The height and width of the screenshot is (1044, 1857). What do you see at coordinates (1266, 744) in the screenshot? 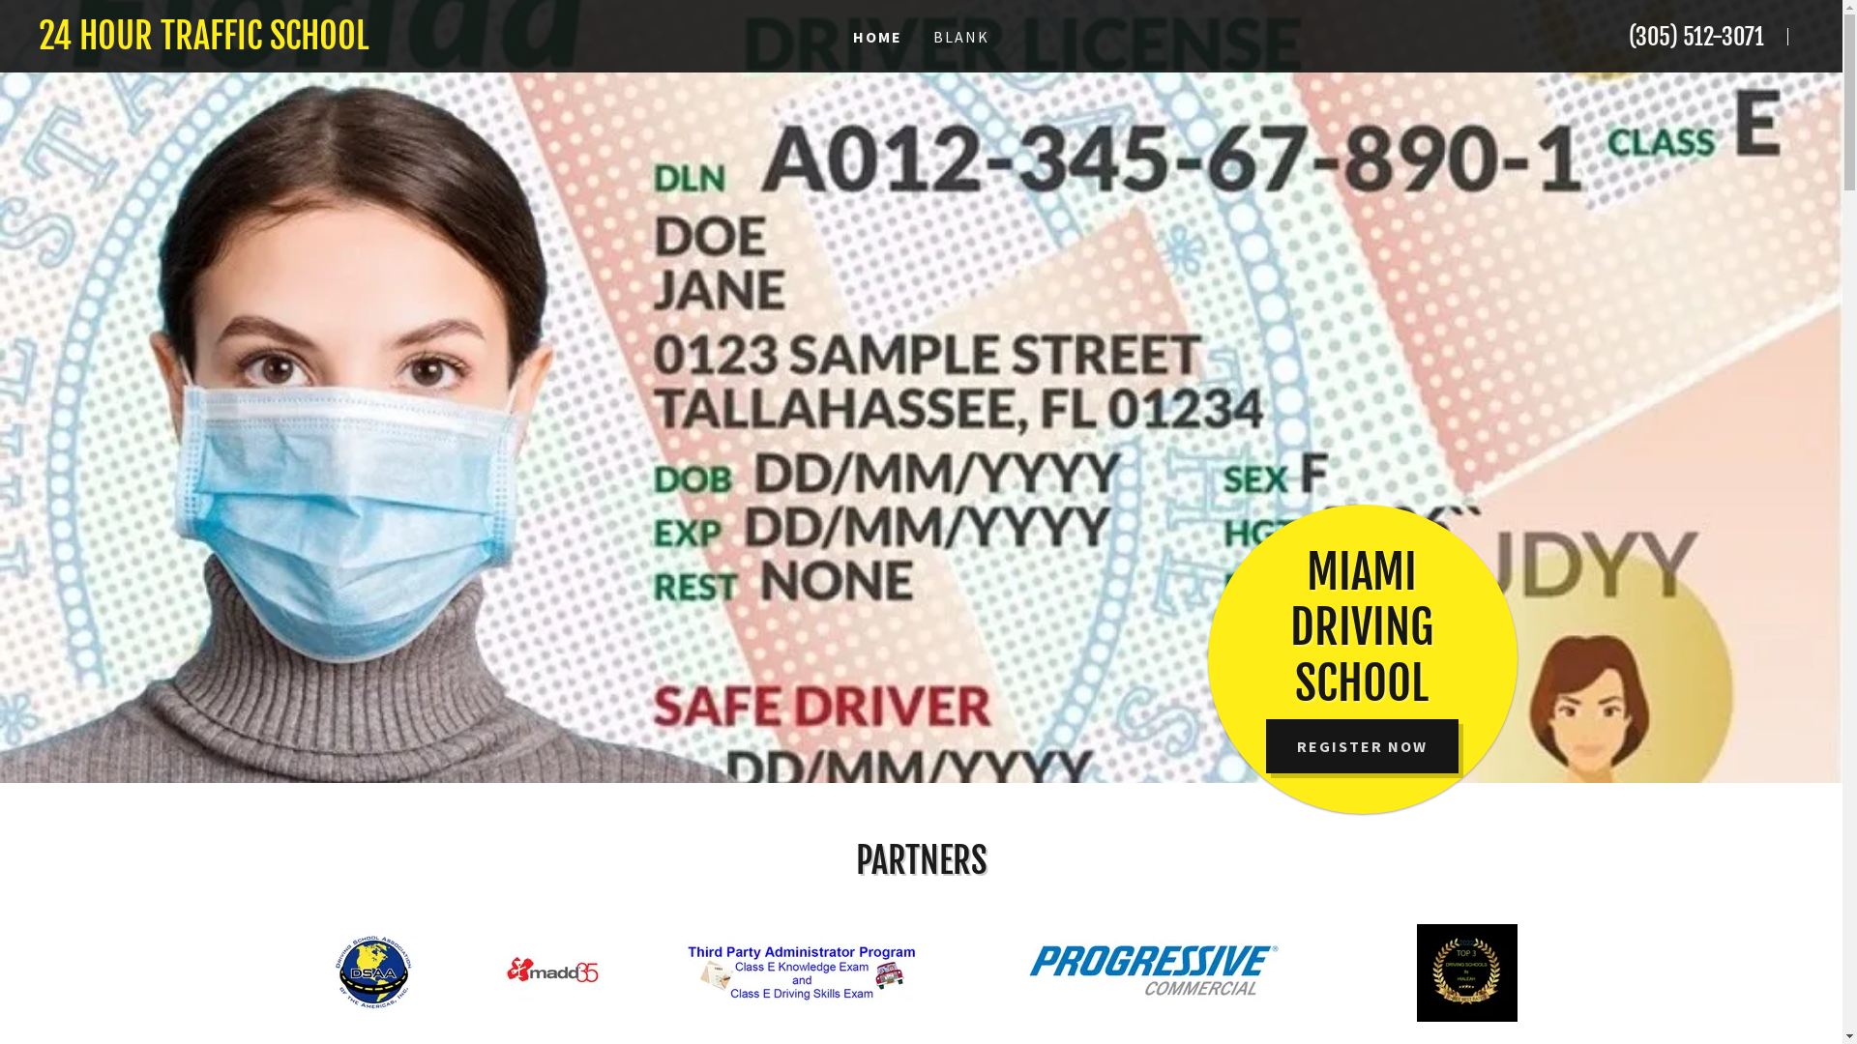
I see `'REGISTER NOW'` at bounding box center [1266, 744].